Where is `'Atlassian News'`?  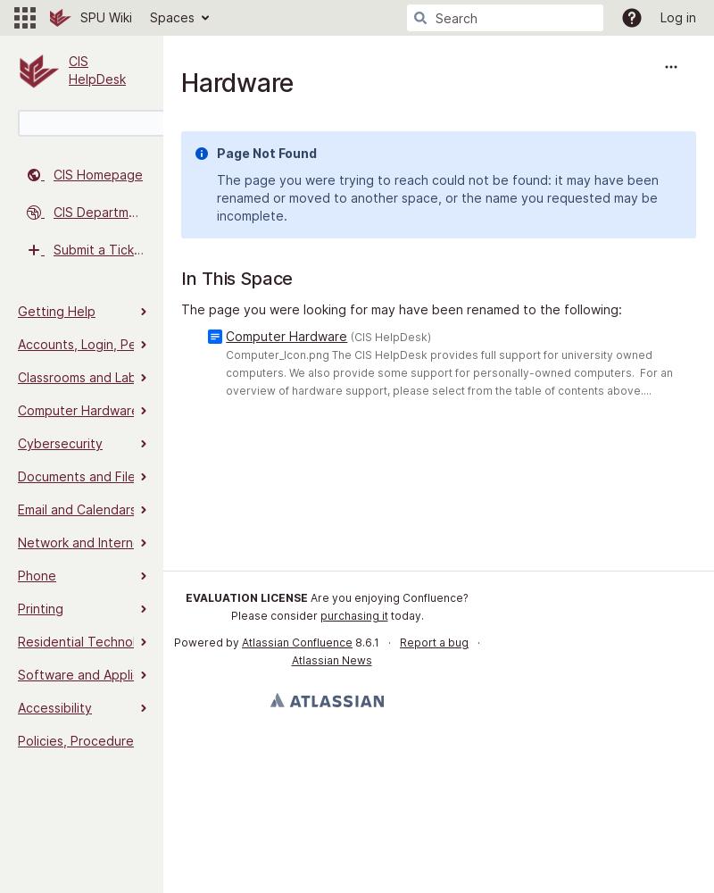
'Atlassian News' is located at coordinates (329, 659).